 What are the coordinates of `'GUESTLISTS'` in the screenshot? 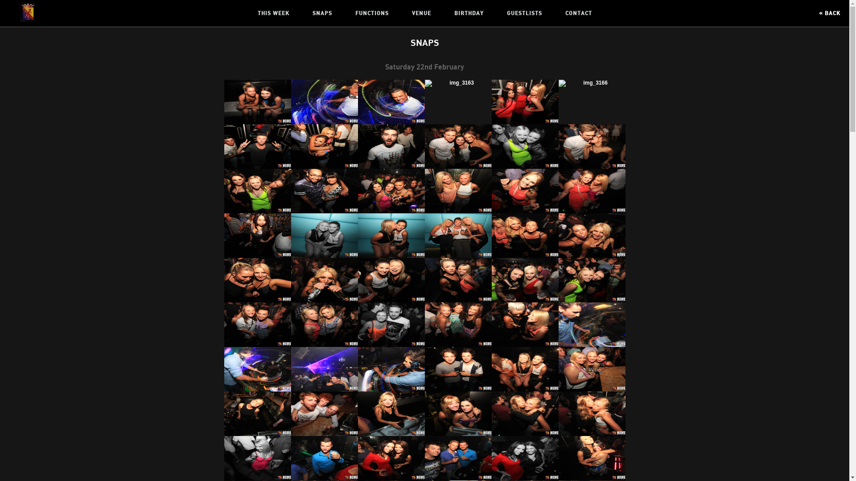 It's located at (524, 13).